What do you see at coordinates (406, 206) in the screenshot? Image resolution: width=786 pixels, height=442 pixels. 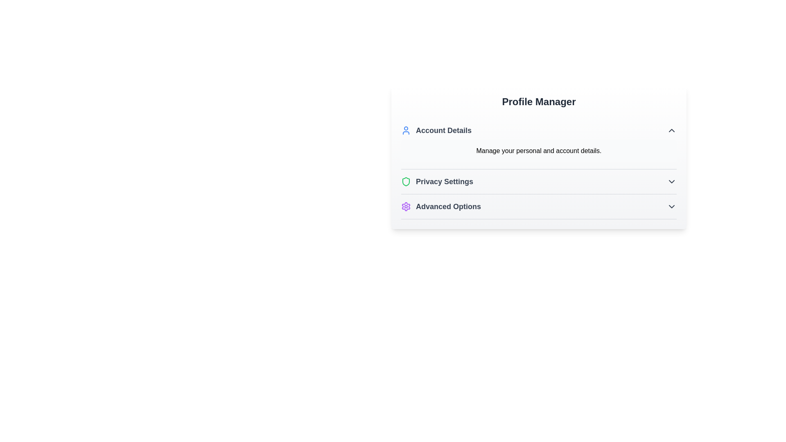 I see `the purple gear icon representing the settings function, located to the left of 'Advanced Options' in the Profile Manager interface` at bounding box center [406, 206].